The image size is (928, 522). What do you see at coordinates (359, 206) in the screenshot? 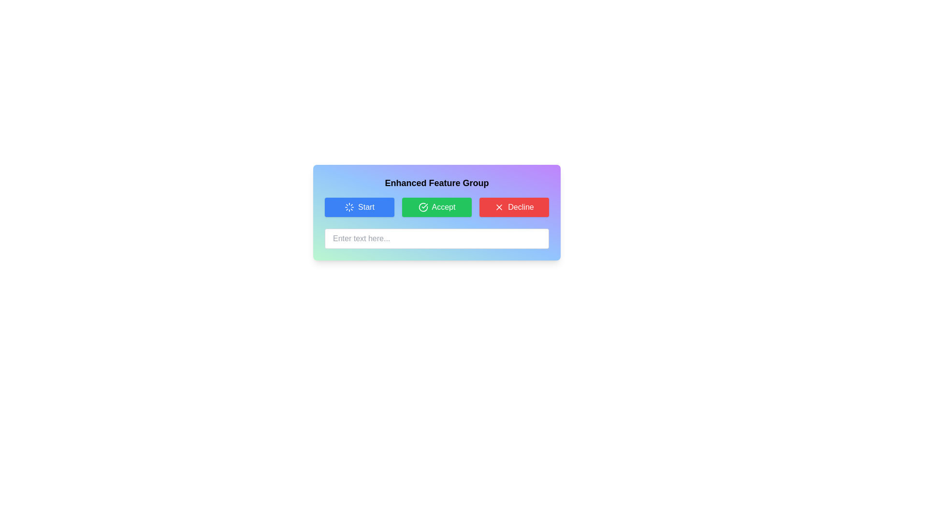
I see `the 'Start' button, which is the first button in a row of three buttons aligned horizontally at the top-left of the group` at bounding box center [359, 206].